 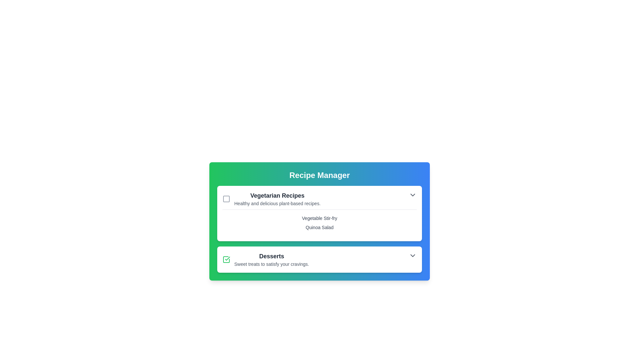 What do you see at coordinates (412, 194) in the screenshot?
I see `the downward-pointing chevron button in the header of the 'Vegetarian Recipes' section to interact` at bounding box center [412, 194].